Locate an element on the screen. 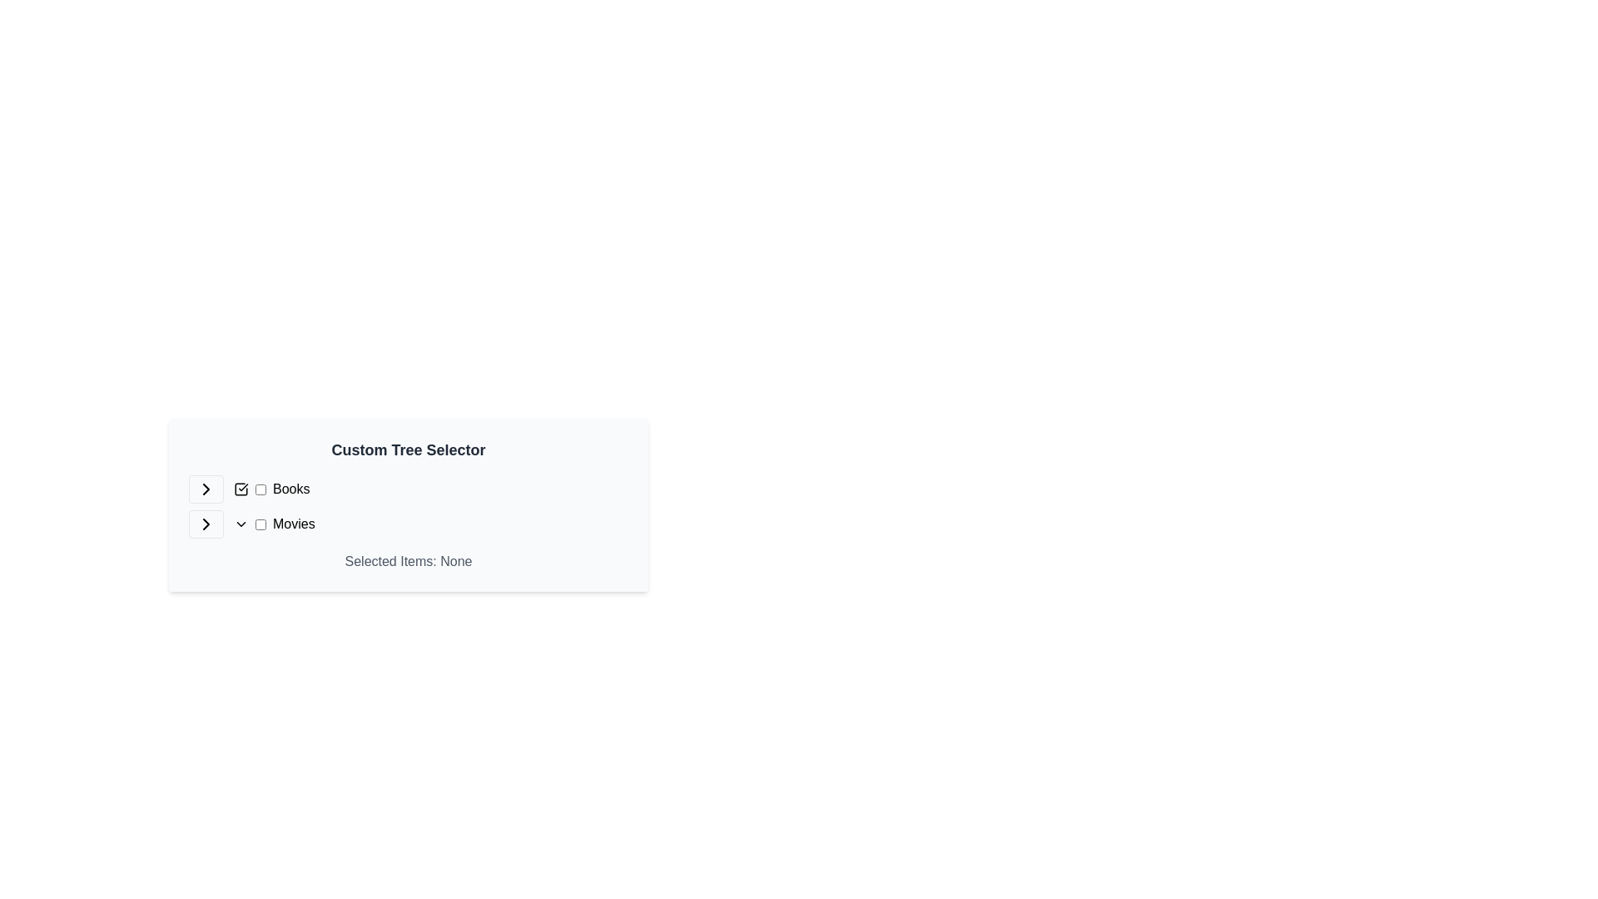 The height and width of the screenshot is (899, 1598). the red checkmark icon representing the selection state of the 'Books' option in the tree selector interface is located at coordinates (240, 488).